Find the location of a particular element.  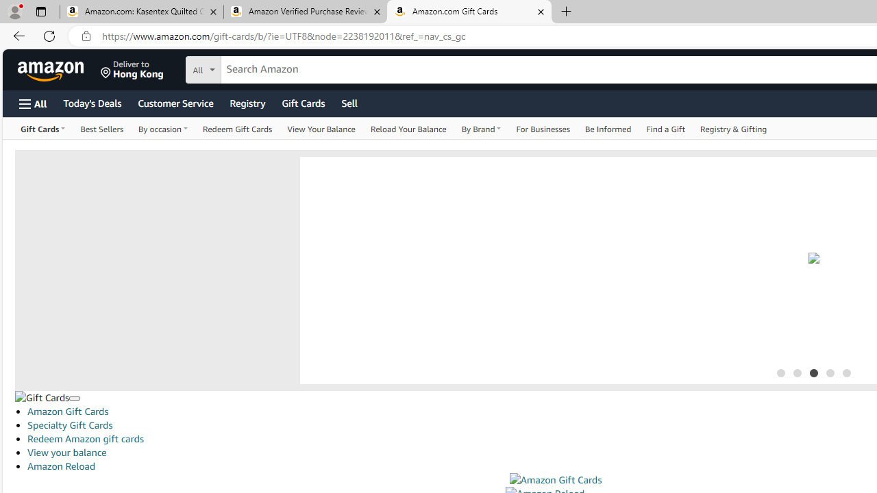

'Today' is located at coordinates (91, 102).